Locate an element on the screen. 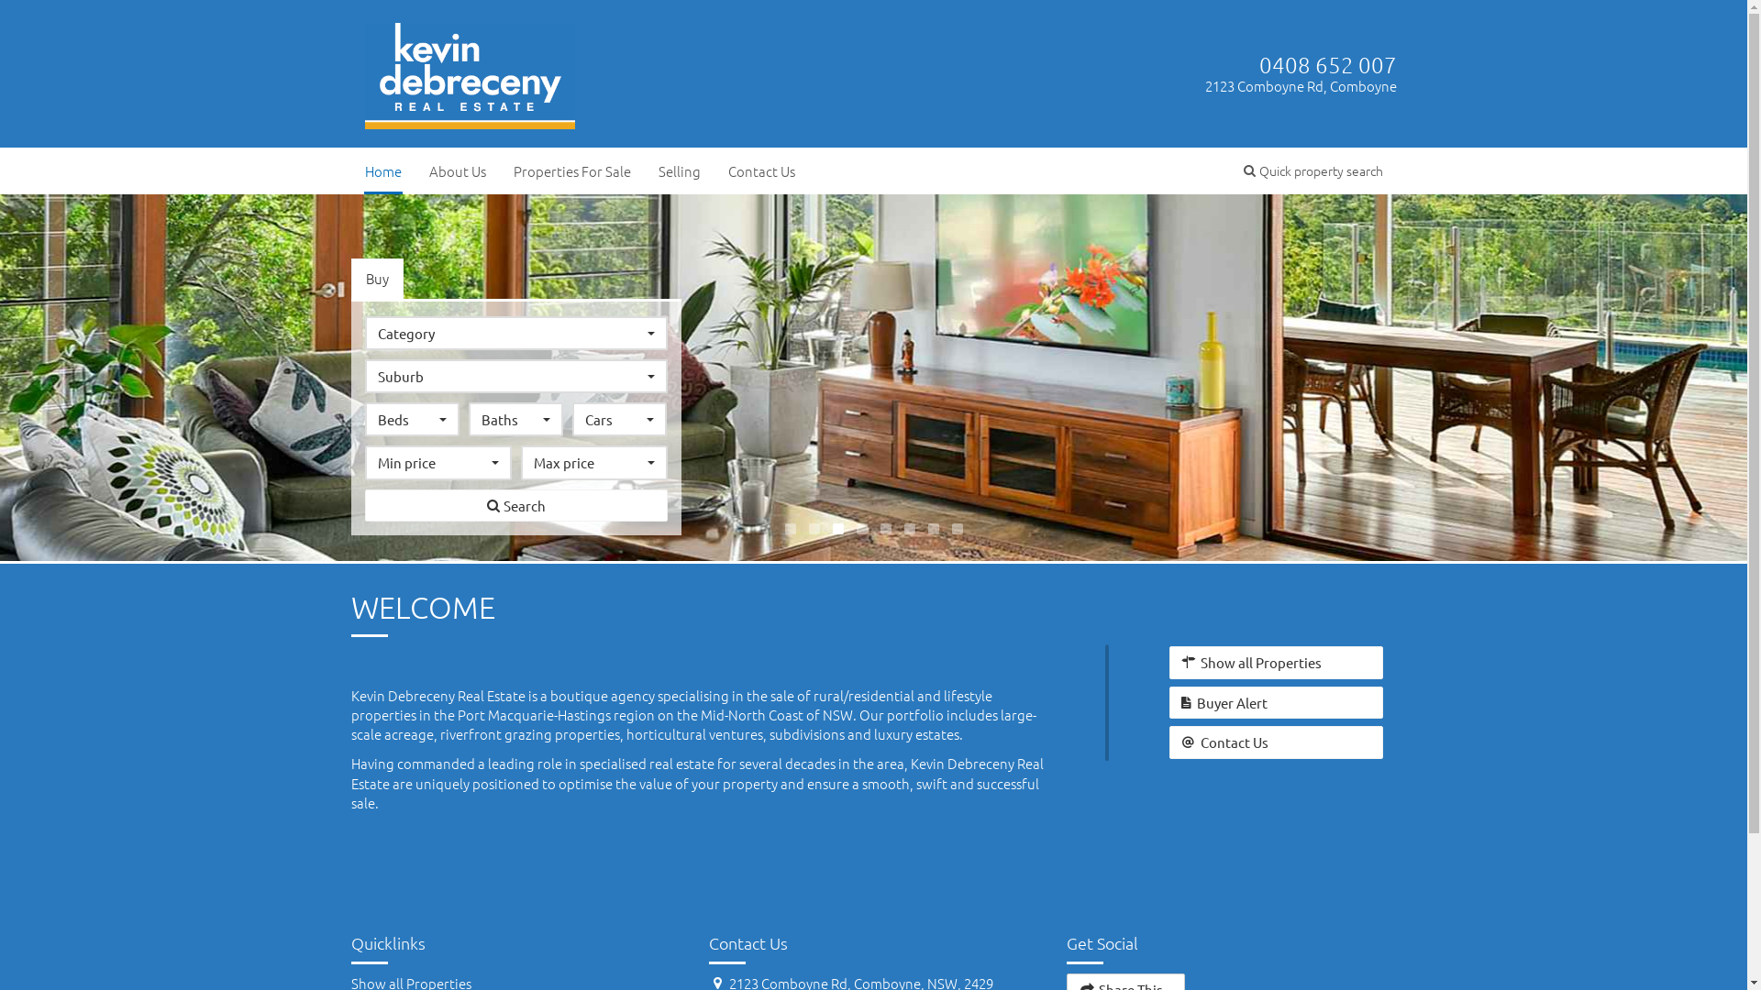 Image resolution: width=1761 pixels, height=990 pixels. 'About Us' is located at coordinates (413, 170).